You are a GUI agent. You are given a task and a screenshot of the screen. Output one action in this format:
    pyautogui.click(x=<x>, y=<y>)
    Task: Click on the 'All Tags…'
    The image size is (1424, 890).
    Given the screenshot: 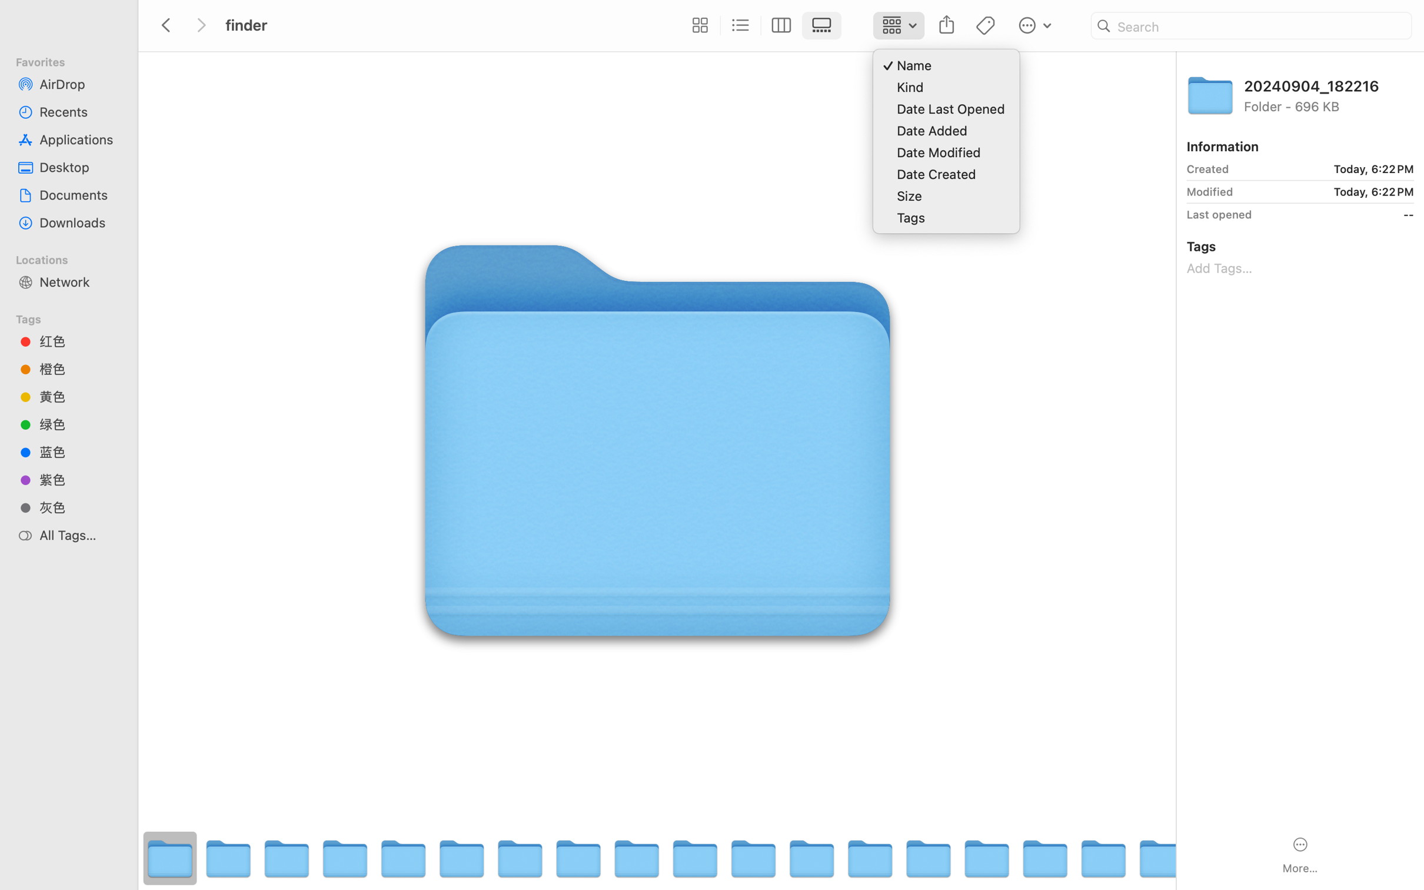 What is the action you would take?
    pyautogui.click(x=79, y=534)
    